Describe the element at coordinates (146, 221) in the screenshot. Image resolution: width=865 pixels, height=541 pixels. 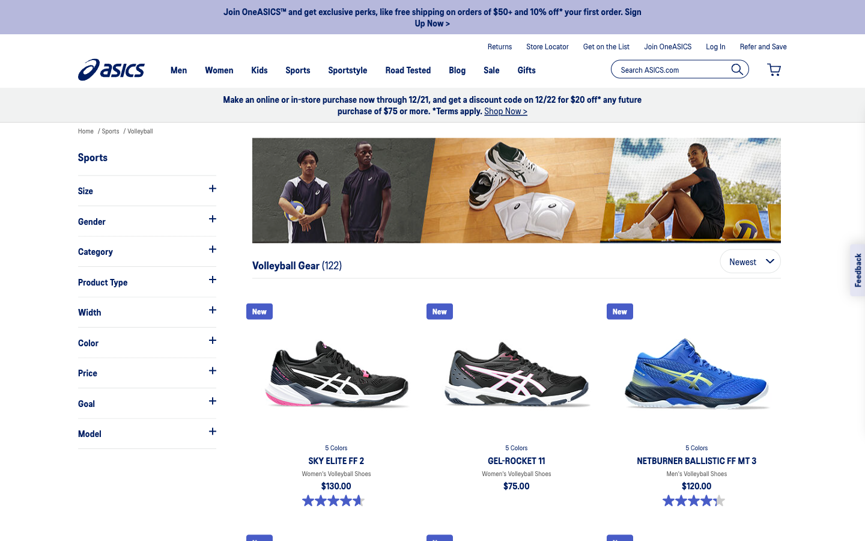
I see `Show the selection designed for women` at that location.